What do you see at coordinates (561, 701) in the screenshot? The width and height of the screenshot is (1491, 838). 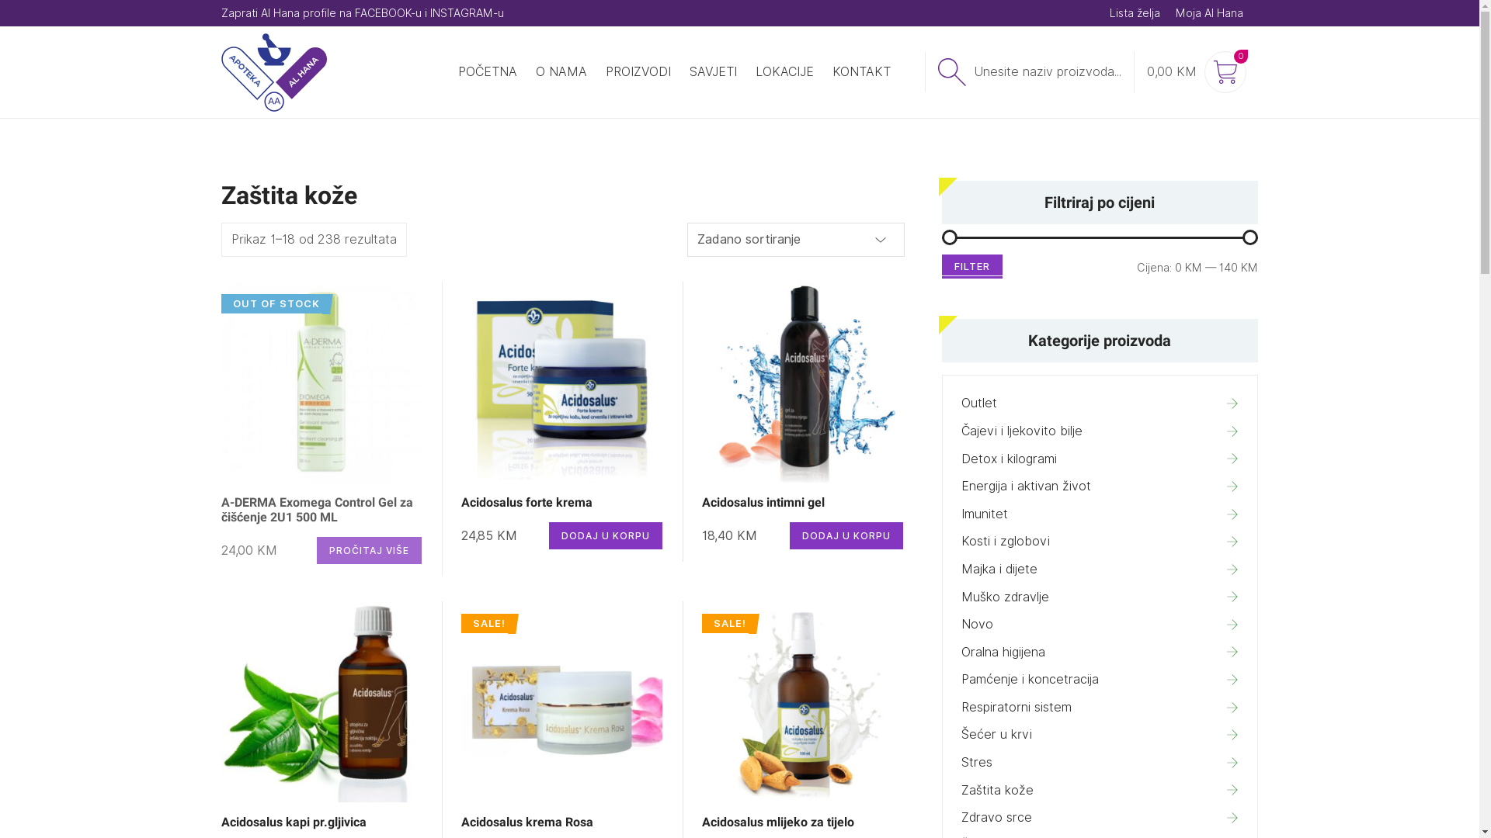 I see `'SALE!'` at bounding box center [561, 701].